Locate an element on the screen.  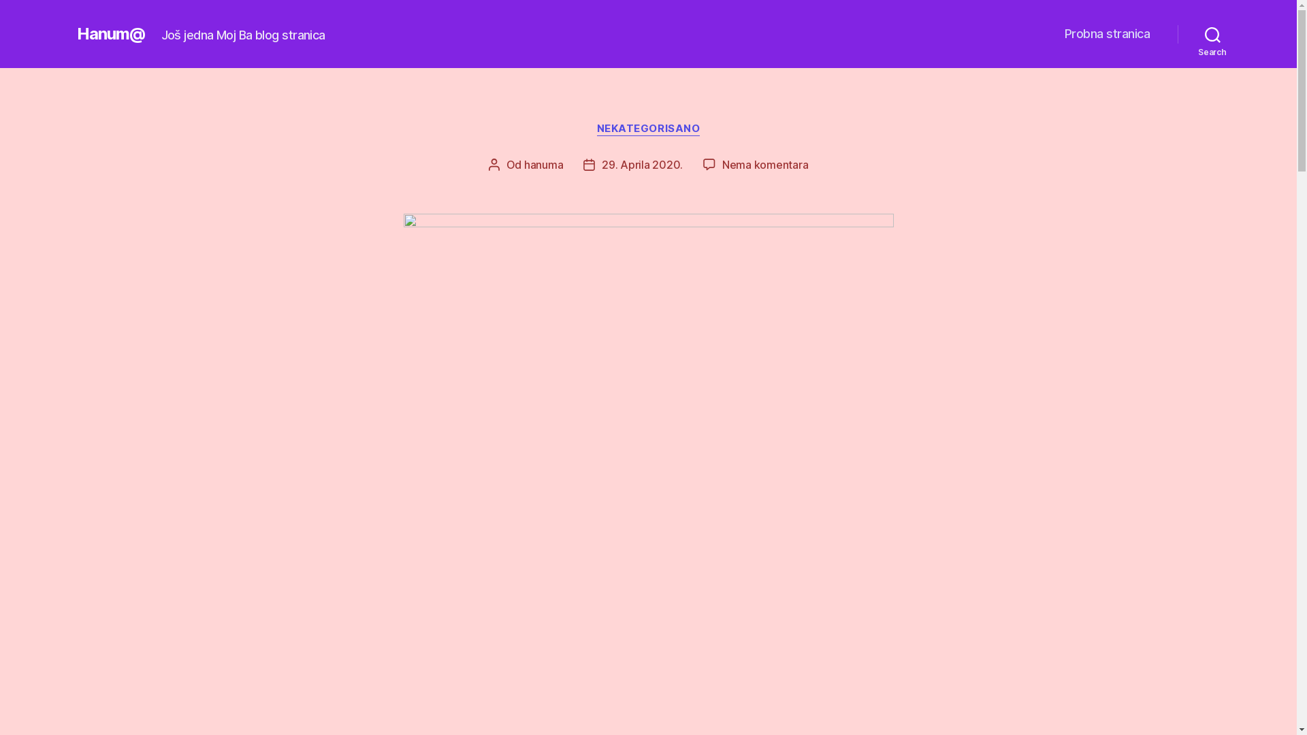
'Probna stranica' is located at coordinates (1108, 33).